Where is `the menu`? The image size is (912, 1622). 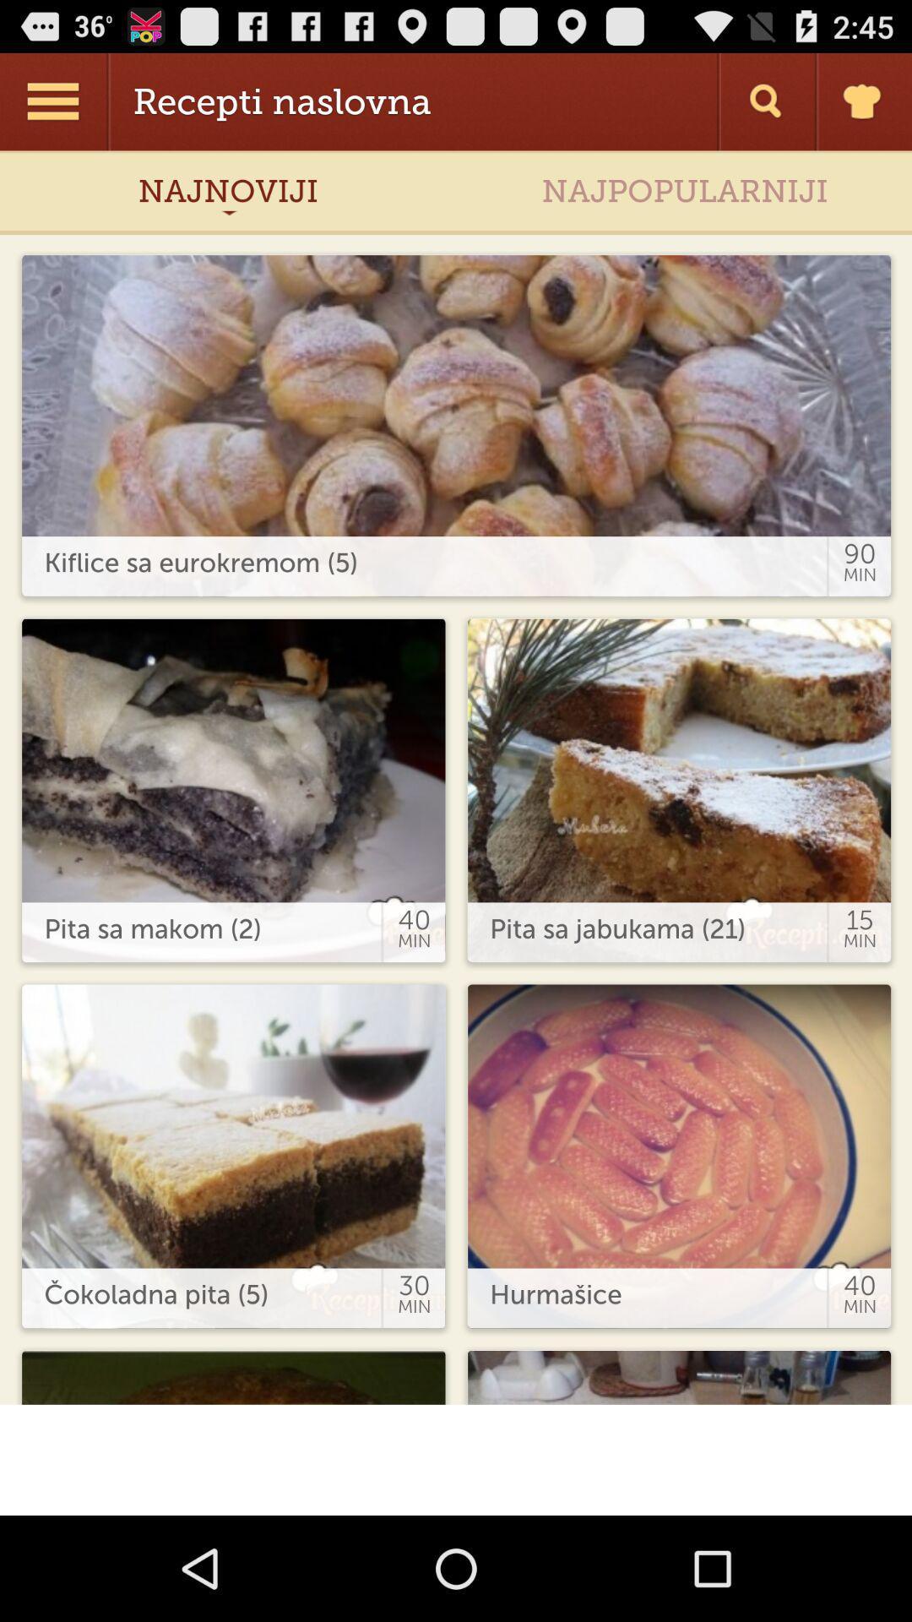
the menu is located at coordinates (54, 101).